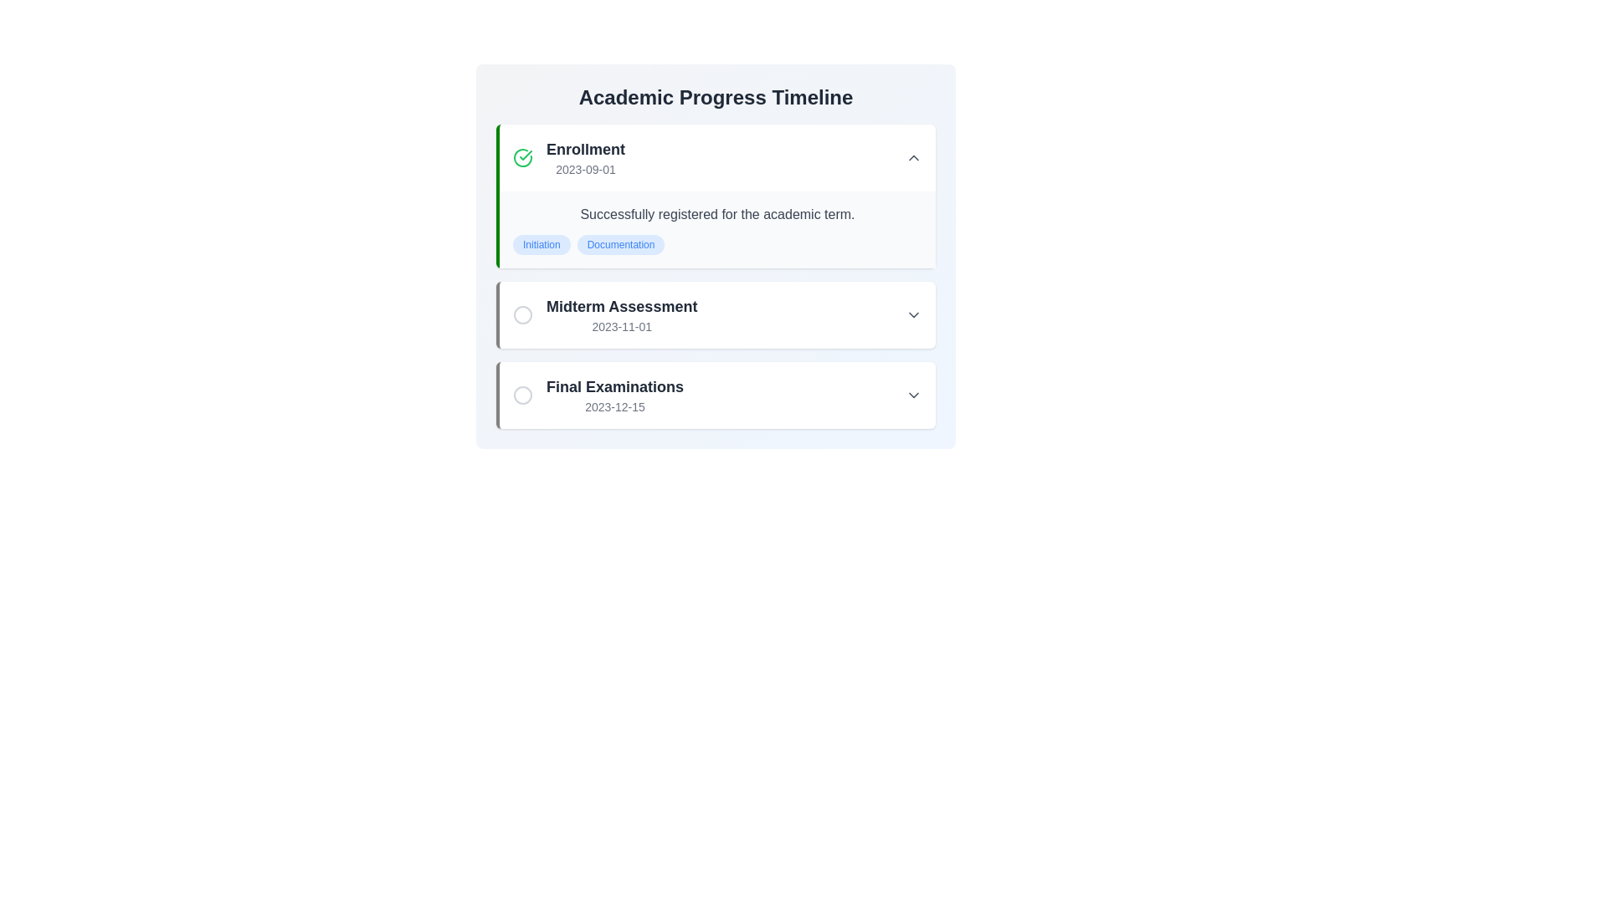 This screenshot has height=903, width=1607. I want to click on the green checkmark icon inside a circle, which indicates a completed or verified status, located to the left of the 'Enrollment' text, so click(521, 158).